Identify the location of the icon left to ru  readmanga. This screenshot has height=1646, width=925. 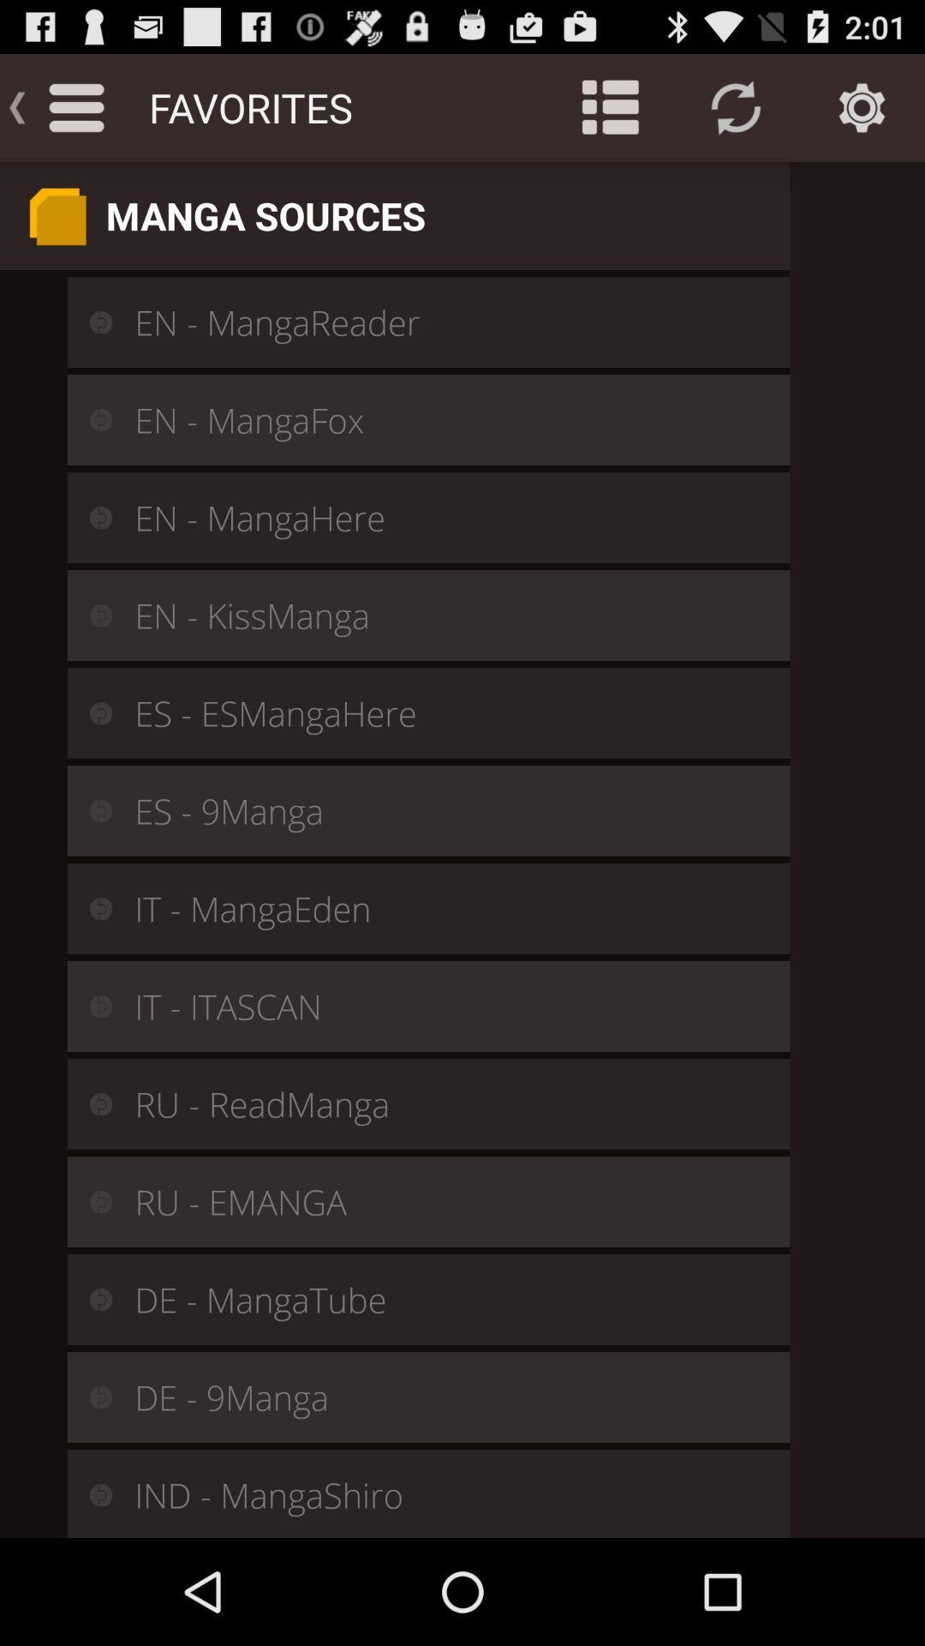
(89, 1103).